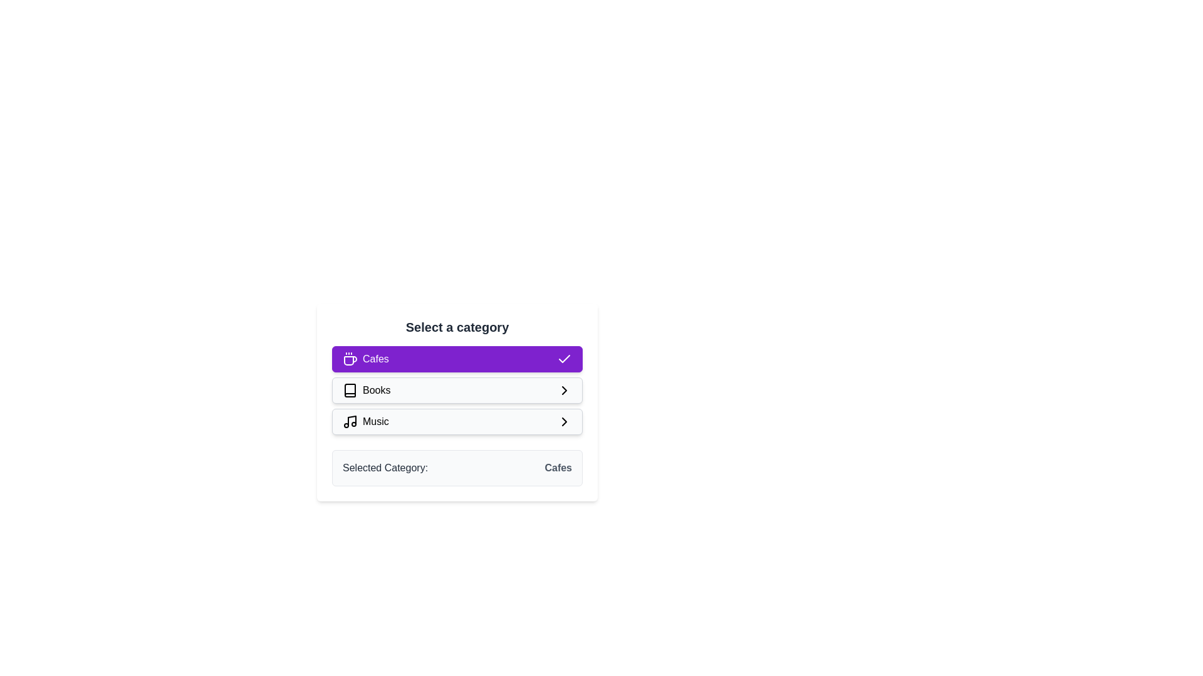  What do you see at coordinates (376, 390) in the screenshot?
I see `the 'Books' category text label, which is the second label in a vertical arrangement of categories and is positioned to the right of a book icon` at bounding box center [376, 390].